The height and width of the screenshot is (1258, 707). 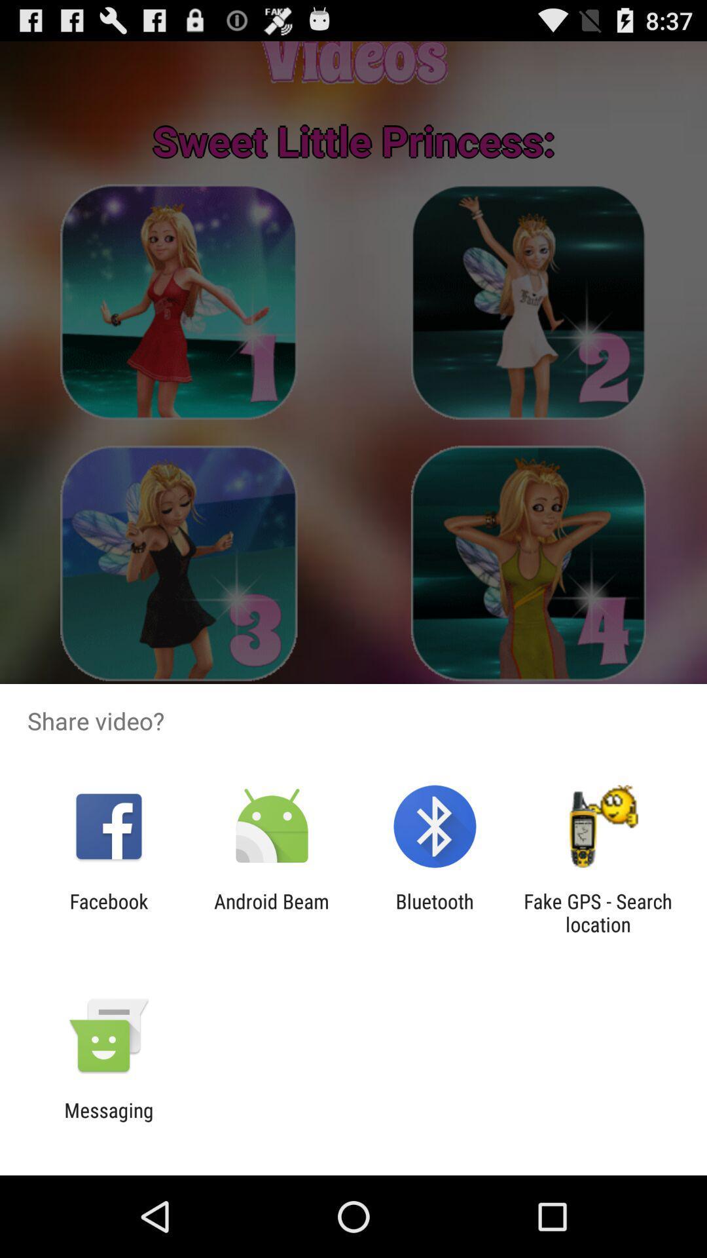 I want to click on facebook icon, so click(x=108, y=912).